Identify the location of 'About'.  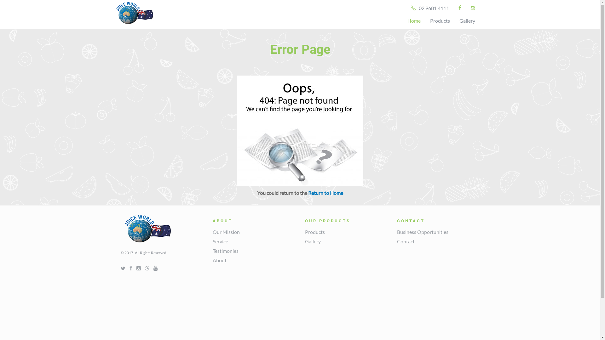
(219, 260).